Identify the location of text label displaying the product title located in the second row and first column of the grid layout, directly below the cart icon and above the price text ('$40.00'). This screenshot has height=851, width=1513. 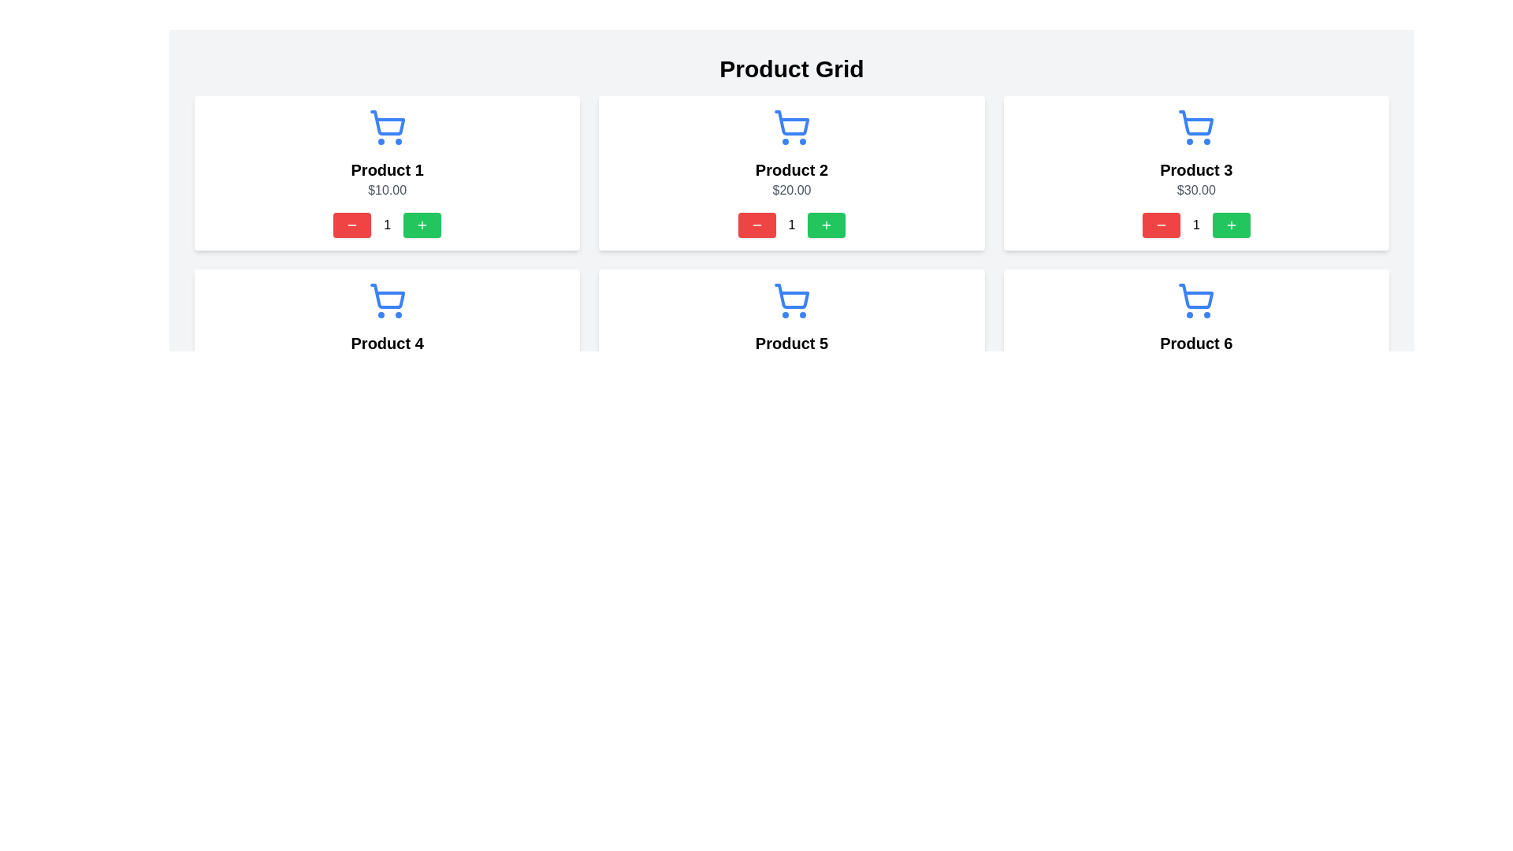
(387, 342).